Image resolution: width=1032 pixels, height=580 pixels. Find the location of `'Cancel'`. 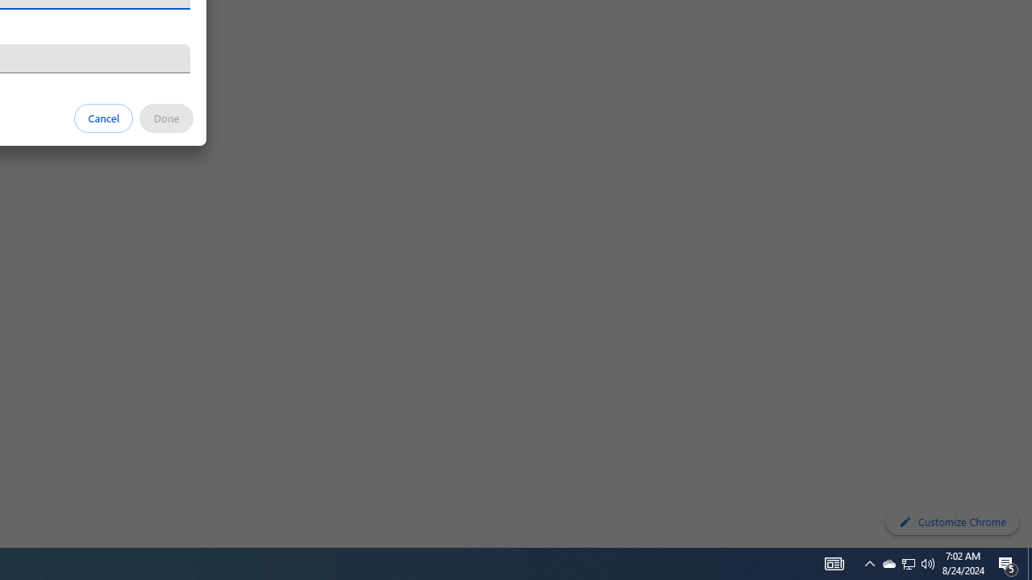

'Cancel' is located at coordinates (103, 117).